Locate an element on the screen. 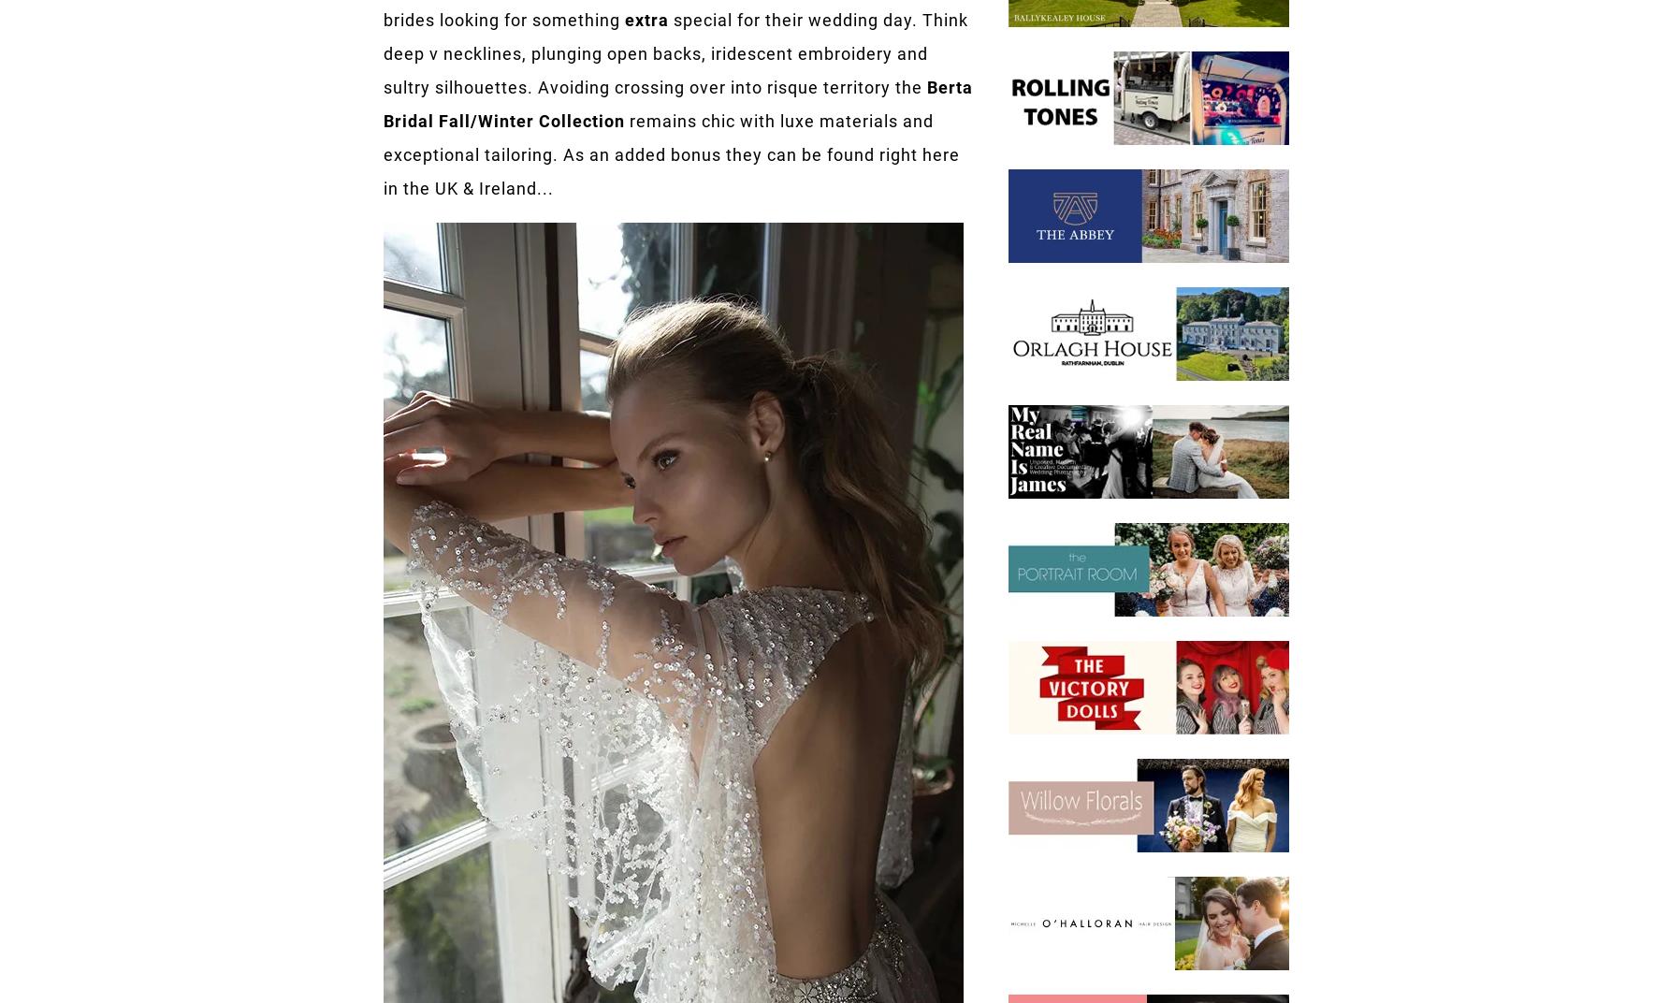  '64K' is located at coordinates (612, 522).